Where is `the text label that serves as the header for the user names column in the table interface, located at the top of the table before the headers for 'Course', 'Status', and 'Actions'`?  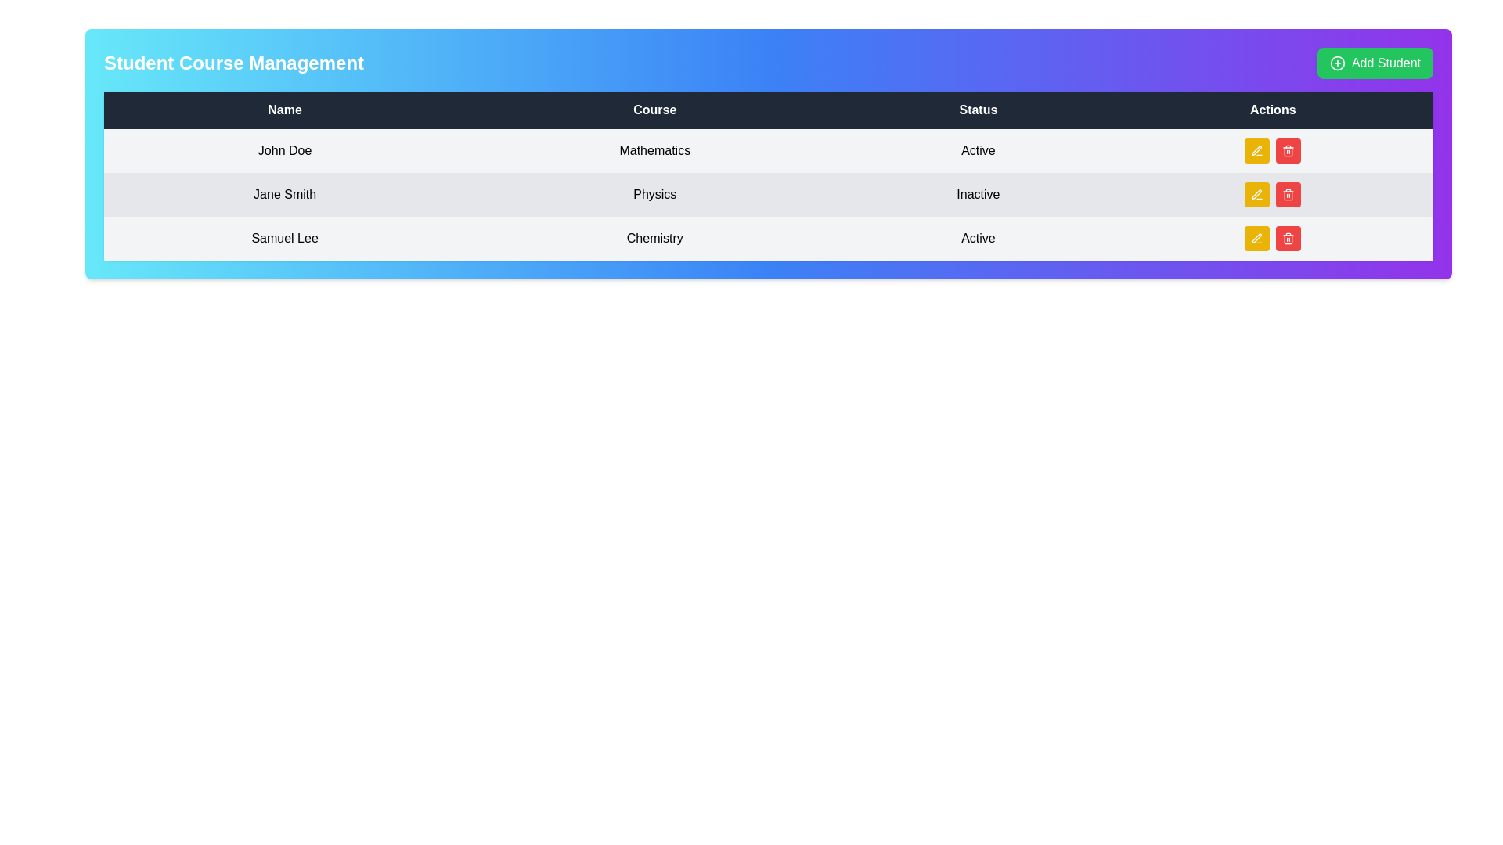 the text label that serves as the header for the user names column in the table interface, located at the top of the table before the headers for 'Course', 'Status', and 'Actions' is located at coordinates (285, 110).